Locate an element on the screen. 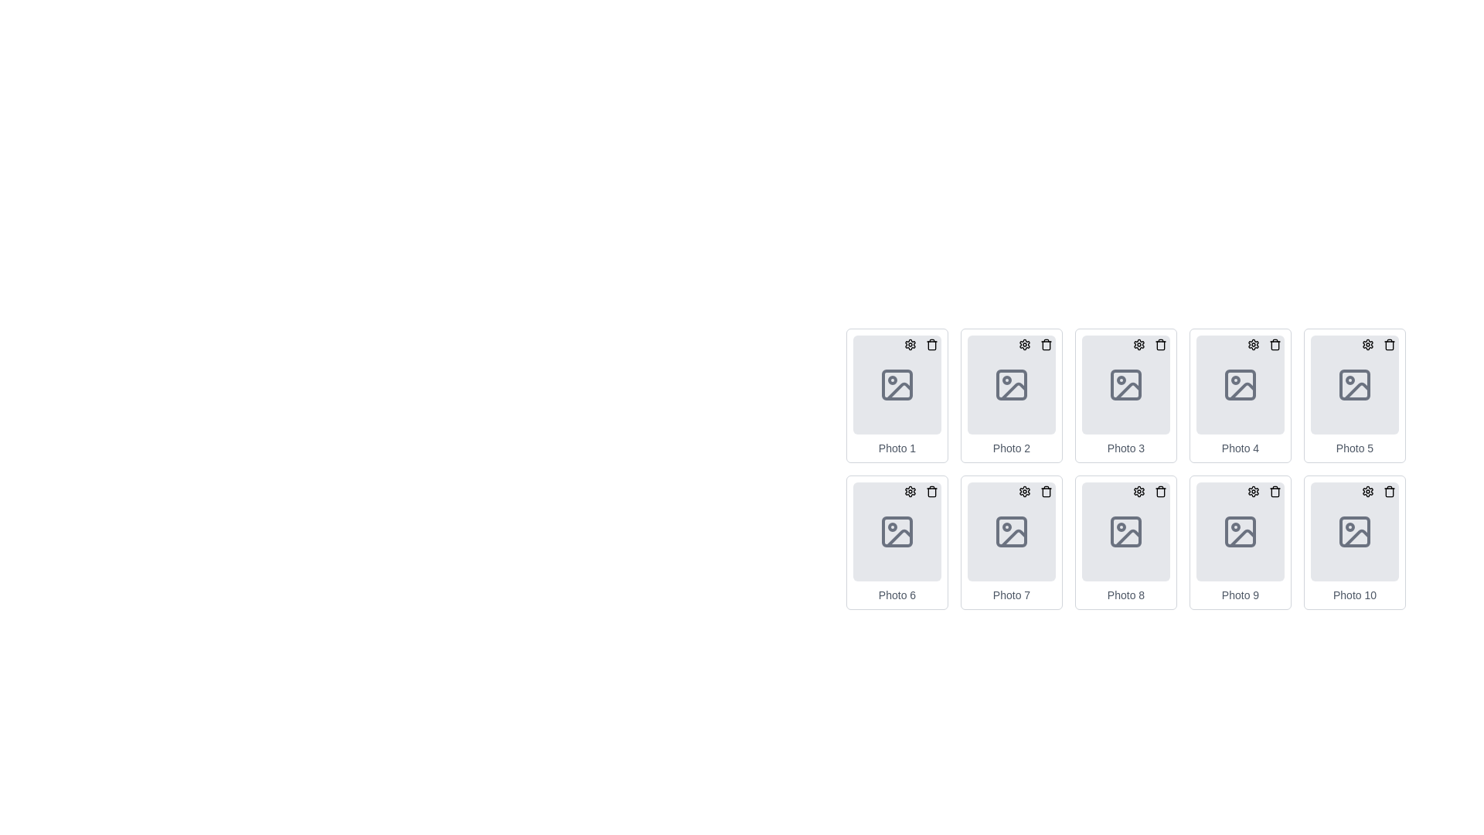  the Card component labeled 'Photo 10' located in the bottom-right corner of the grid to initiate hover effects is located at coordinates (1353, 542).